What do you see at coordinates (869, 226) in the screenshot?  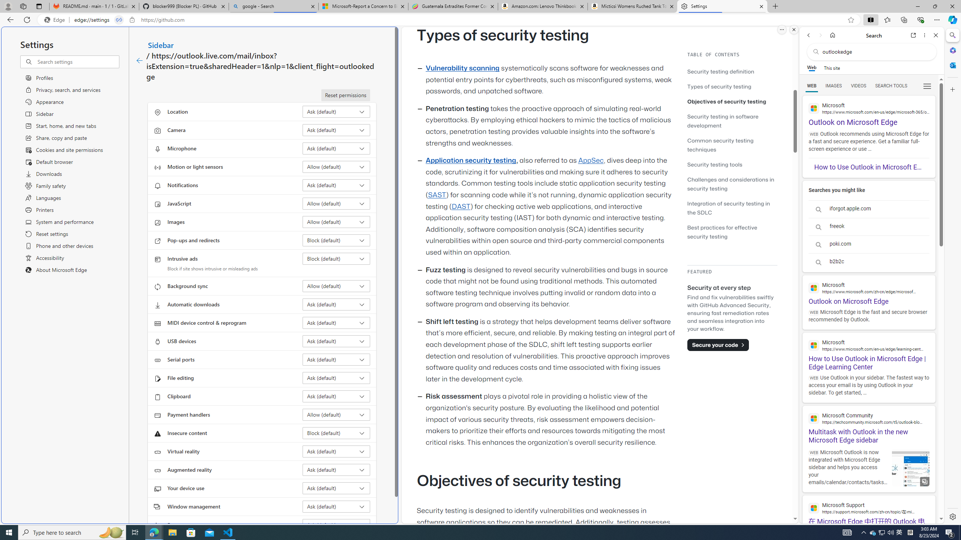 I see `'Searches you might likeiforgot.apple.comfreeokpoki.comb2b2c'` at bounding box center [869, 226].